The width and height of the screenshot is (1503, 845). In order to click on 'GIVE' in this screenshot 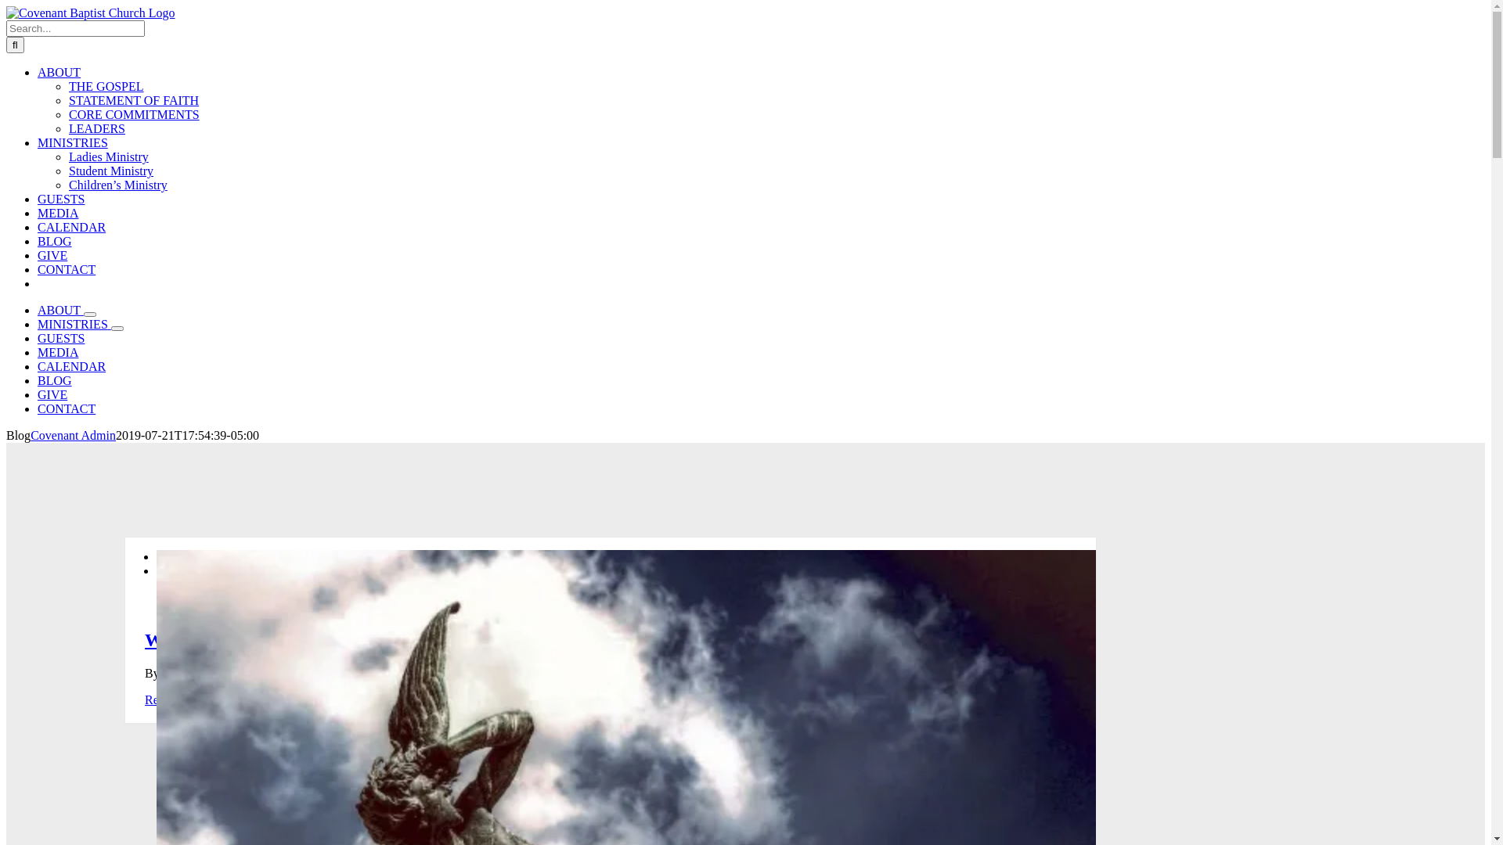, I will do `click(52, 254)`.